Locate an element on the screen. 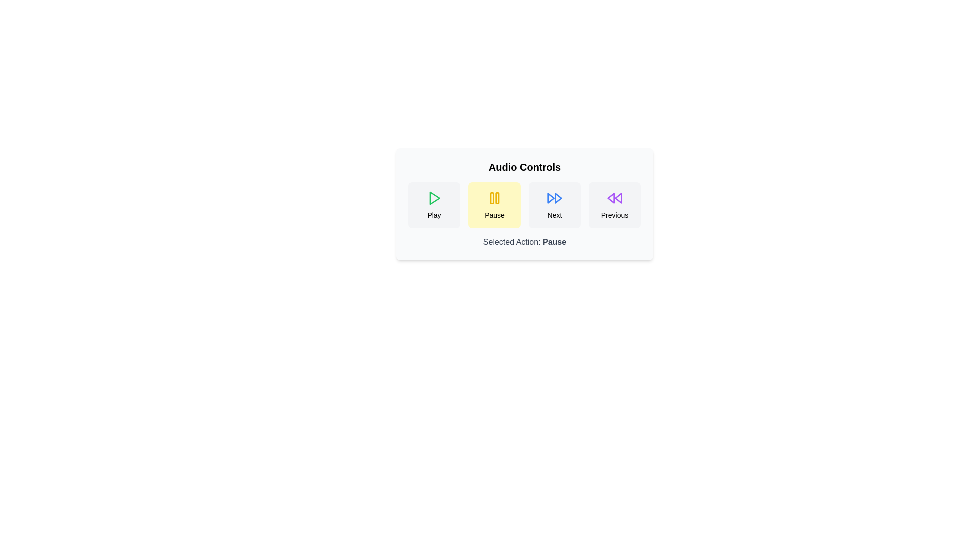 The image size is (963, 541). the action Next by clicking on the corresponding button is located at coordinates (554, 204).